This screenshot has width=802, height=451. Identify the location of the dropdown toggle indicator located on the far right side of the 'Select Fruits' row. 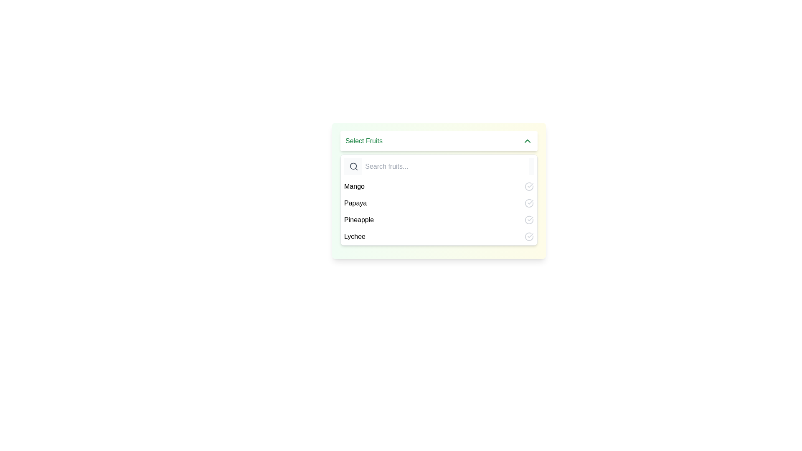
(527, 141).